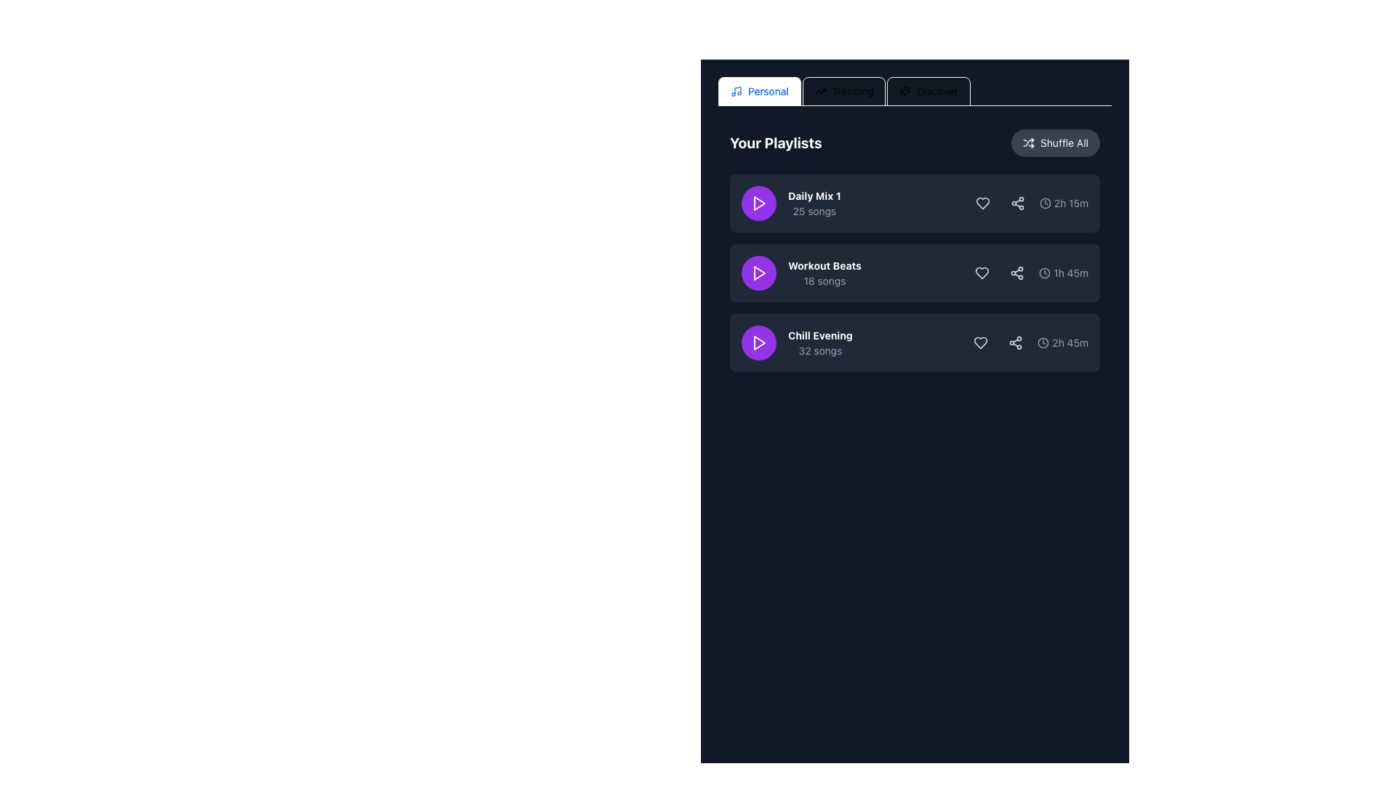  I want to click on the informational text label displaying 'Chill Evening' with '32 songs' in the 'Your Playlists' section, so click(820, 342).